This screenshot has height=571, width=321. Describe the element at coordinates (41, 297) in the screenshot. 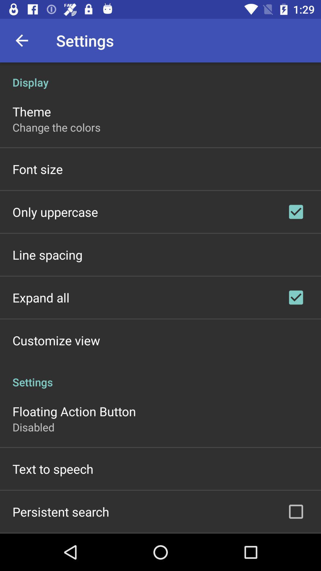

I see `icon below the line spacing item` at that location.